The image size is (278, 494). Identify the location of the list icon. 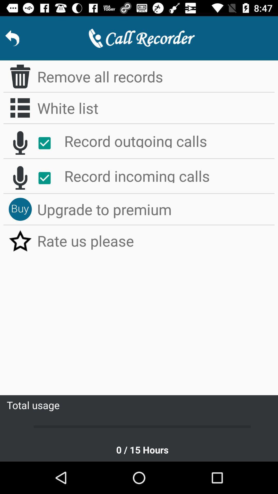
(20, 108).